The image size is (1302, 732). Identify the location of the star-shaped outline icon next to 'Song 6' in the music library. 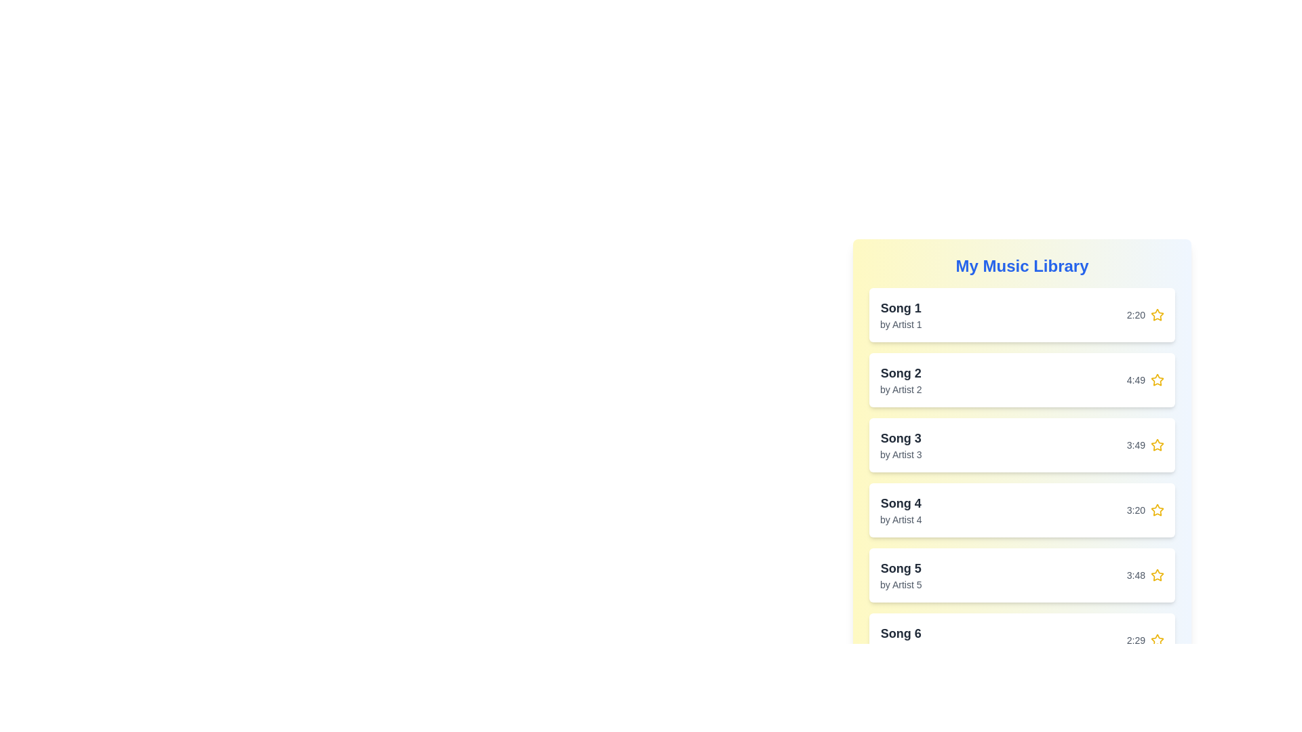
(1156, 640).